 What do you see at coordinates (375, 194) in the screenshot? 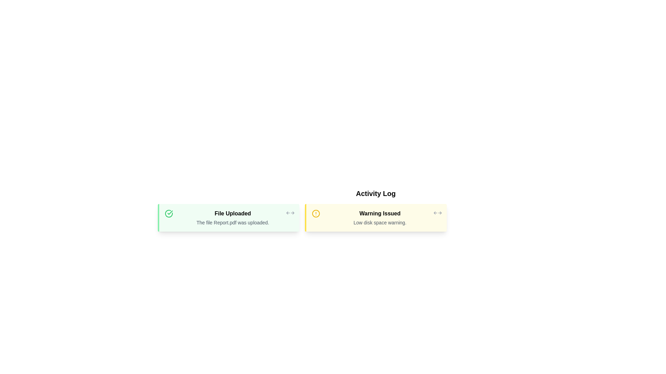
I see `the header text of the activity log section` at bounding box center [375, 194].